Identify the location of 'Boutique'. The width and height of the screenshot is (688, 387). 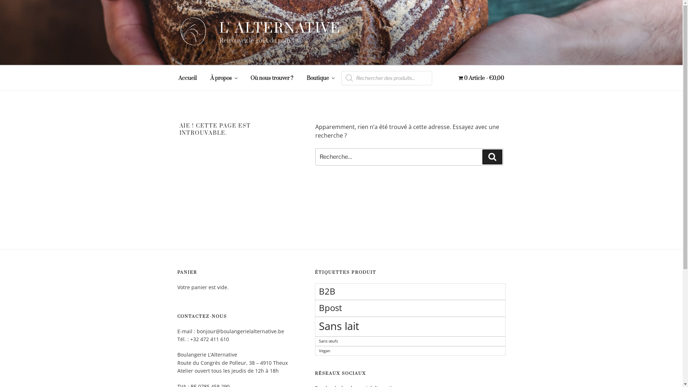
(300, 78).